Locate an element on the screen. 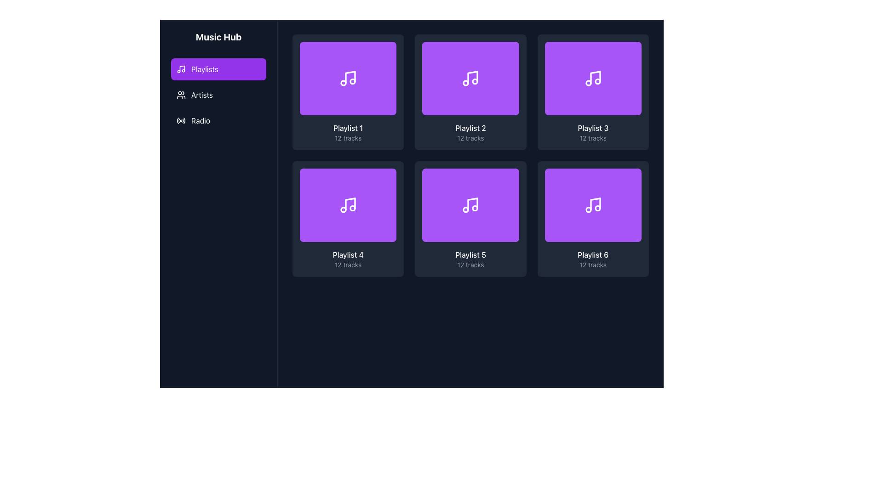 The image size is (883, 496). the 'Playlists' button, which is a rectangular button with a dark background and a vibrant purple fill, featuring a music note icon and the text 'Playlists', located in the vertical sidebar under the 'Music Hub' header is located at coordinates (218, 81).